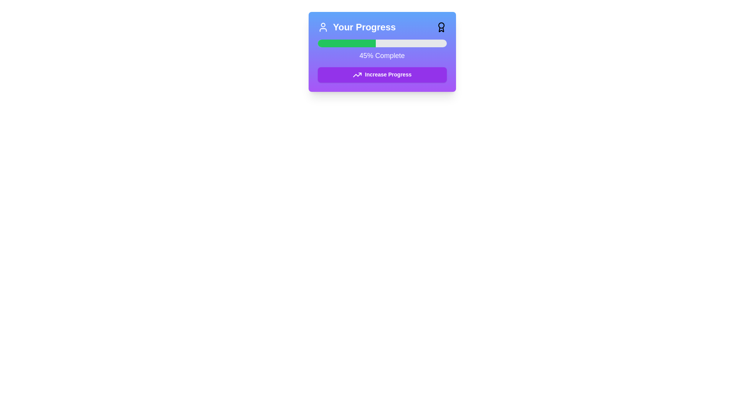  I want to click on the center circle within the medal icon at the top-right corner of the blue section header labeled 'Your Progress', so click(441, 25).